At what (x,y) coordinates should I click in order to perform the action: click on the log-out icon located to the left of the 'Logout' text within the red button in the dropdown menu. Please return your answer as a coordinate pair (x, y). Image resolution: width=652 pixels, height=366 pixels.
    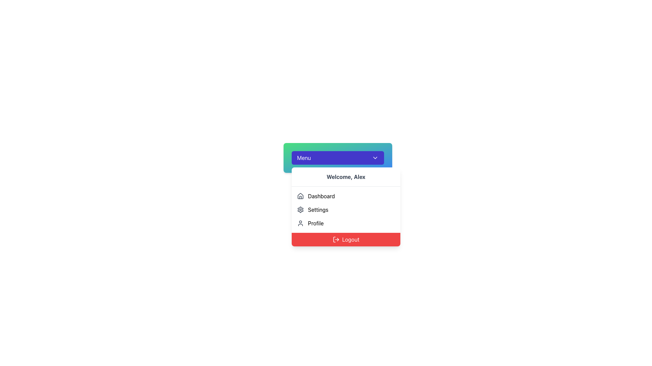
    Looking at the image, I should click on (336, 239).